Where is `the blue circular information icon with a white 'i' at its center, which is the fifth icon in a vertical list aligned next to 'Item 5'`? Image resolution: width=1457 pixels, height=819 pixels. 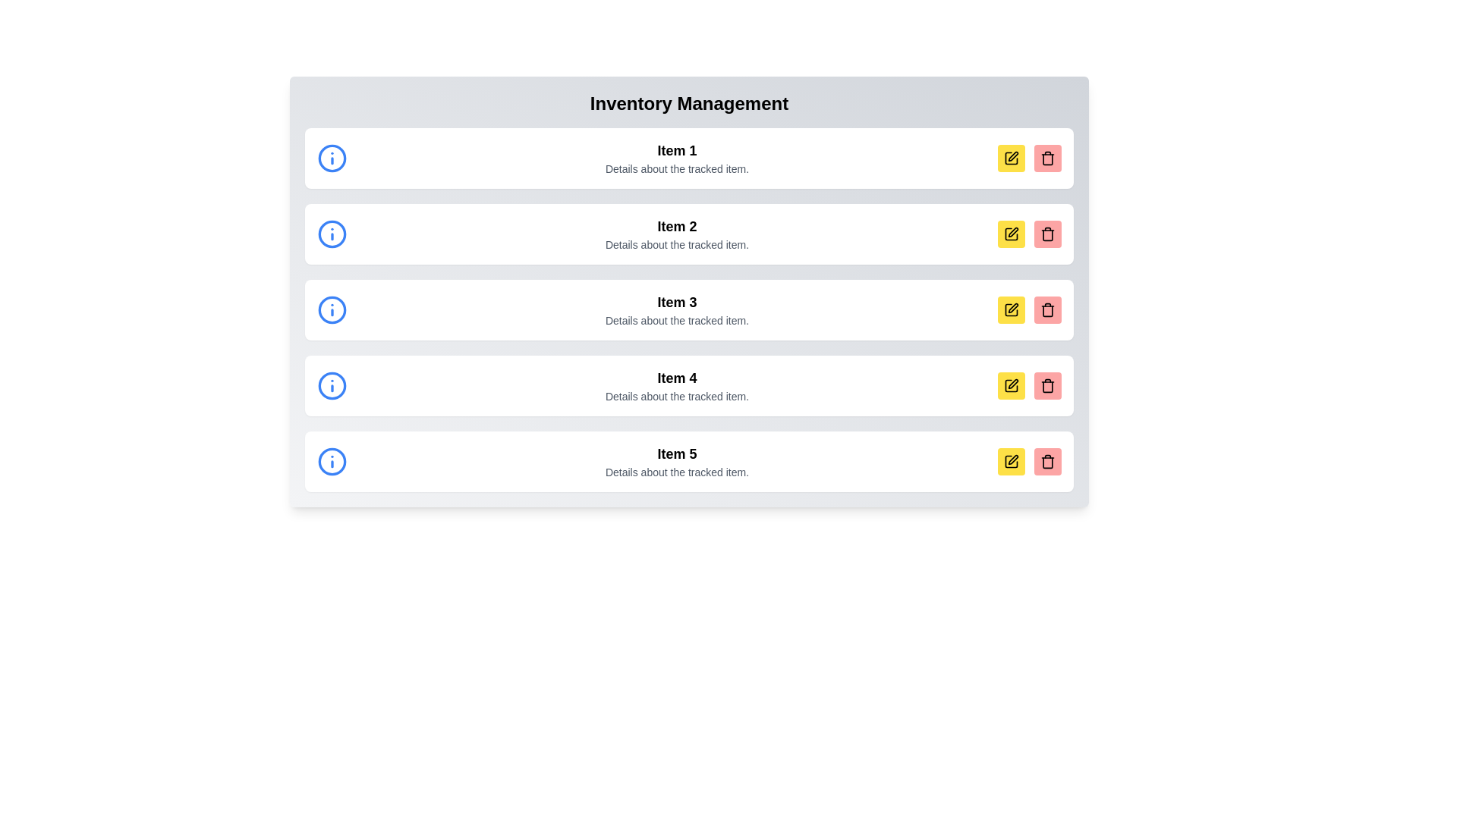 the blue circular information icon with a white 'i' at its center, which is the fifth icon in a vertical list aligned next to 'Item 5' is located at coordinates (331, 461).